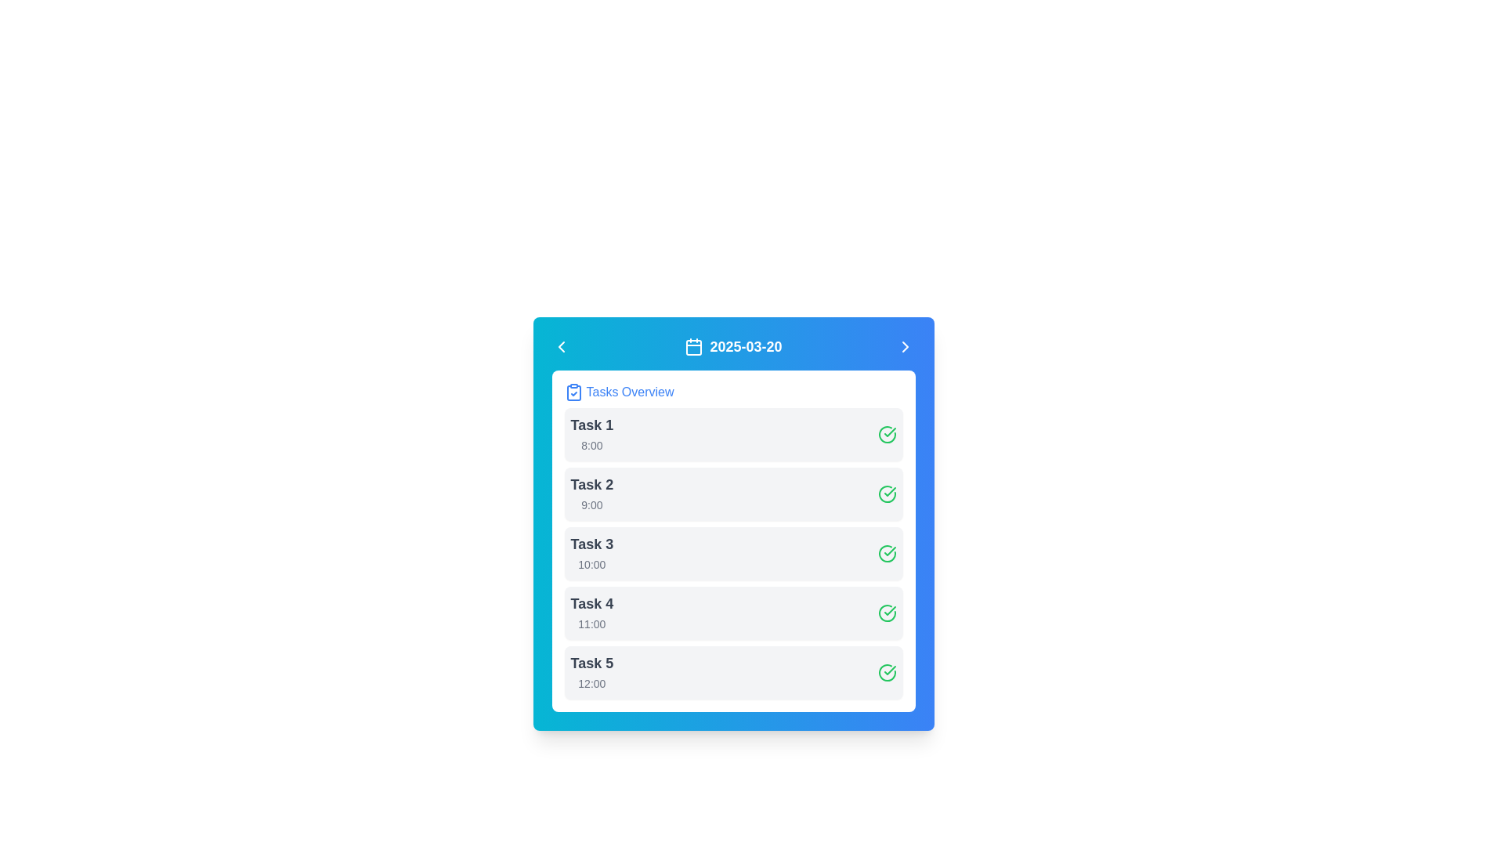  What do you see at coordinates (890, 432) in the screenshot?
I see `the checkmark icon representing the completed task status for the second task's row in the list` at bounding box center [890, 432].